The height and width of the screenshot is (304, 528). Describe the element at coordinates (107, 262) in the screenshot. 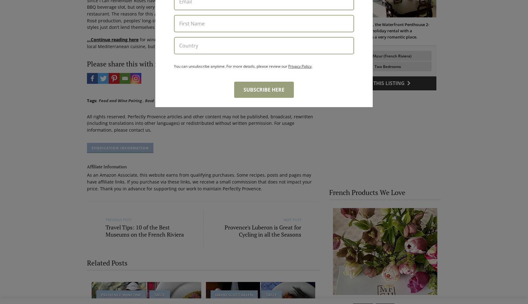

I see `'Related Posts'` at that location.